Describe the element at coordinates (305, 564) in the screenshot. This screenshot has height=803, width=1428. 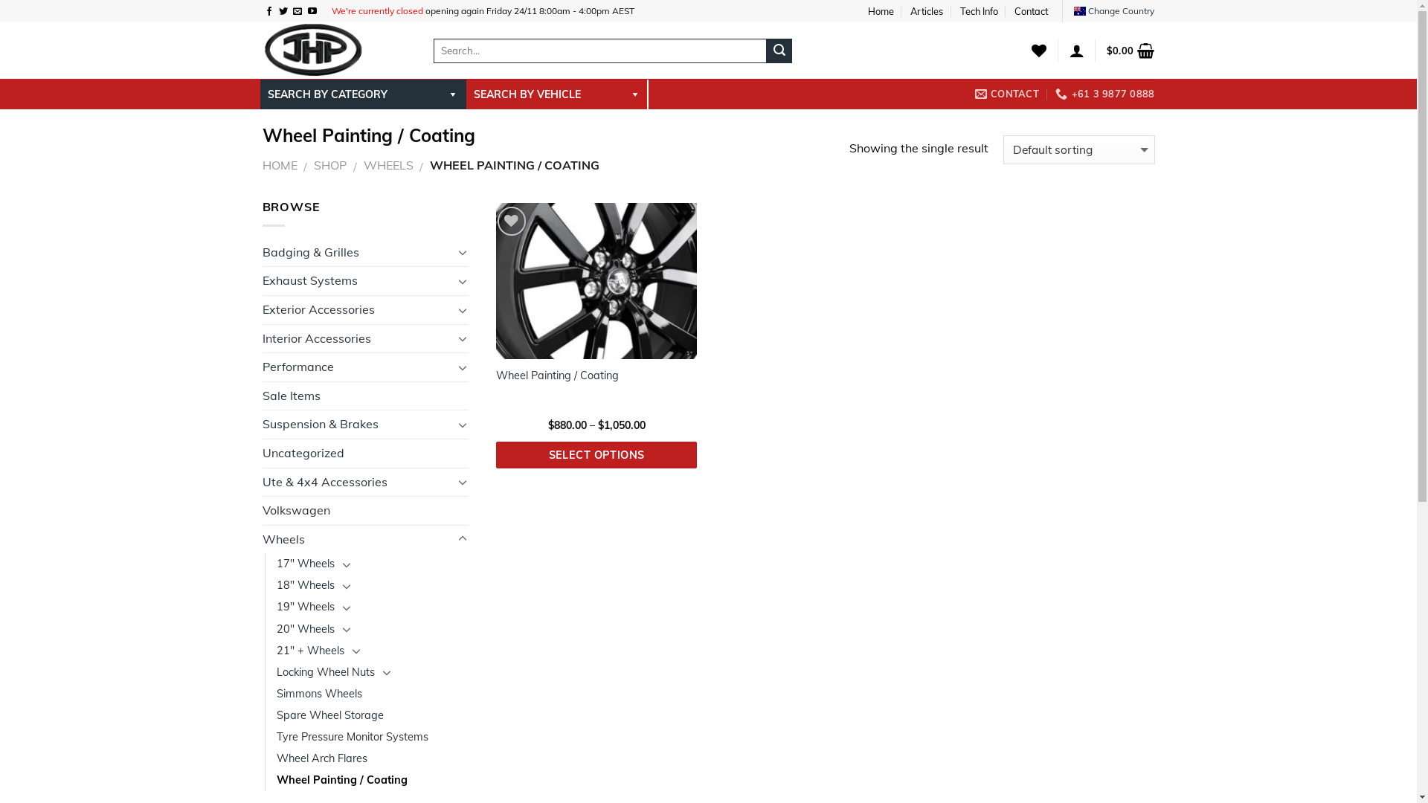
I see `'17" Wheels'` at that location.